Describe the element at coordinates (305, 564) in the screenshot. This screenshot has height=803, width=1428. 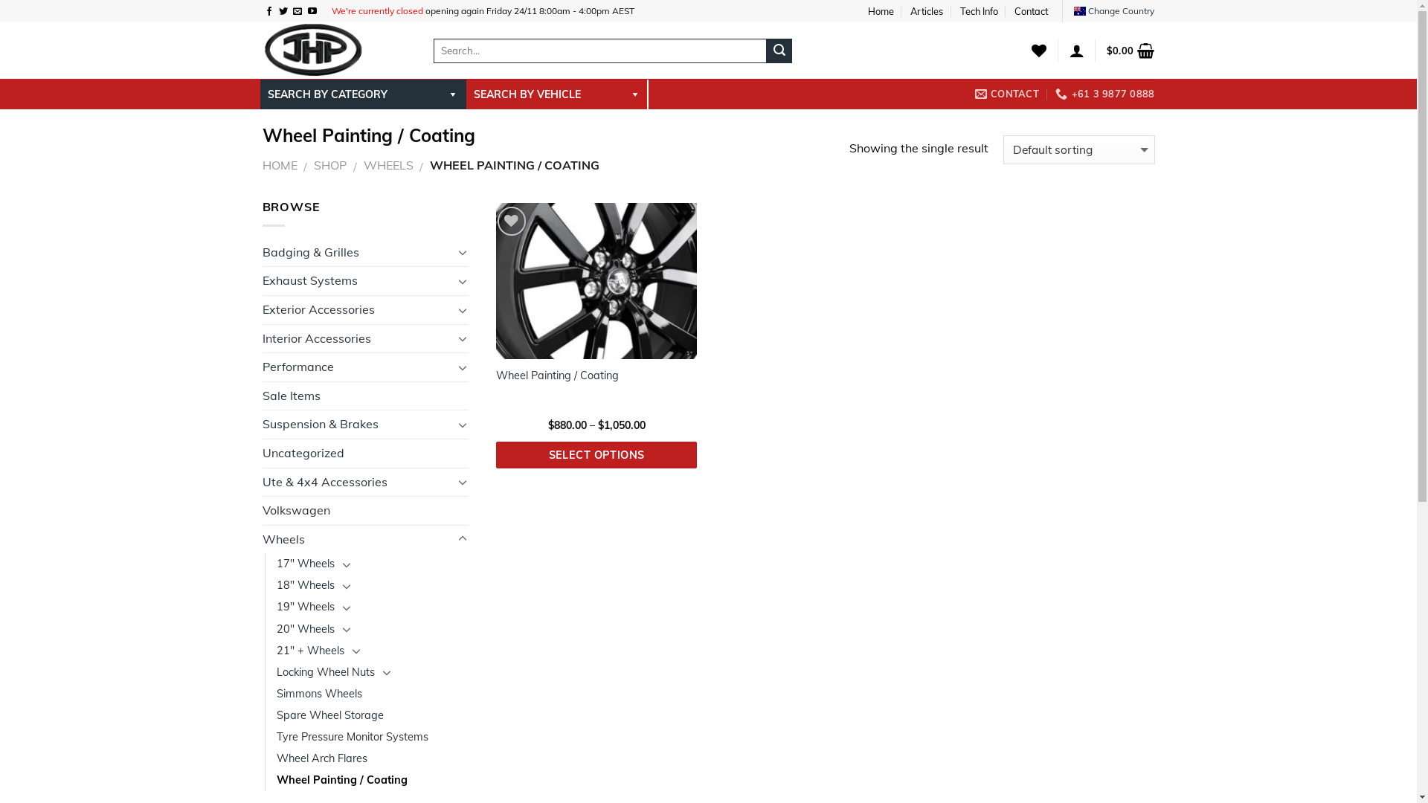
I see `'17" Wheels'` at that location.